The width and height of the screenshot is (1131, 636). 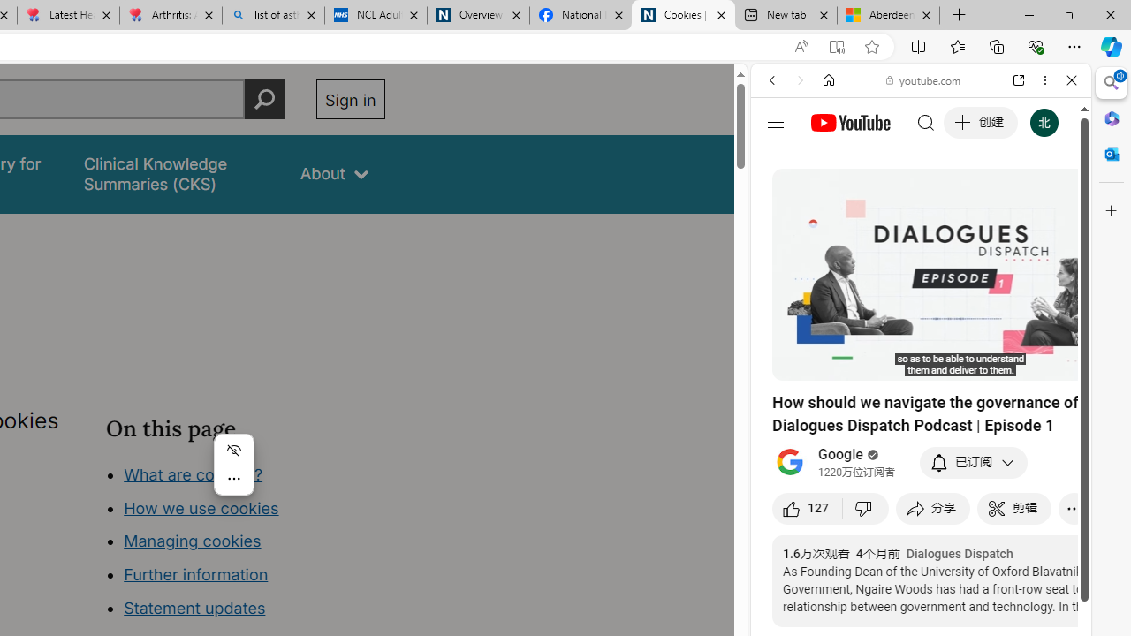 What do you see at coordinates (232, 479) in the screenshot?
I see `'More actions'` at bounding box center [232, 479].